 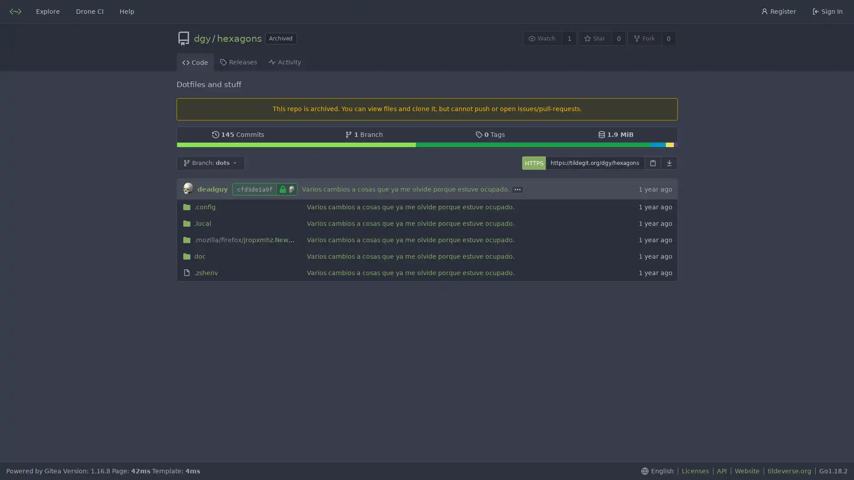 I want to click on HTTPS, so click(x=533, y=163).